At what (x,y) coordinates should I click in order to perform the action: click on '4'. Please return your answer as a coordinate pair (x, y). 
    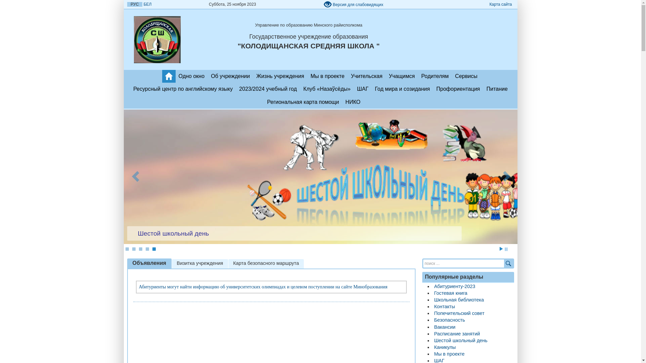
    Looking at the image, I should click on (146, 249).